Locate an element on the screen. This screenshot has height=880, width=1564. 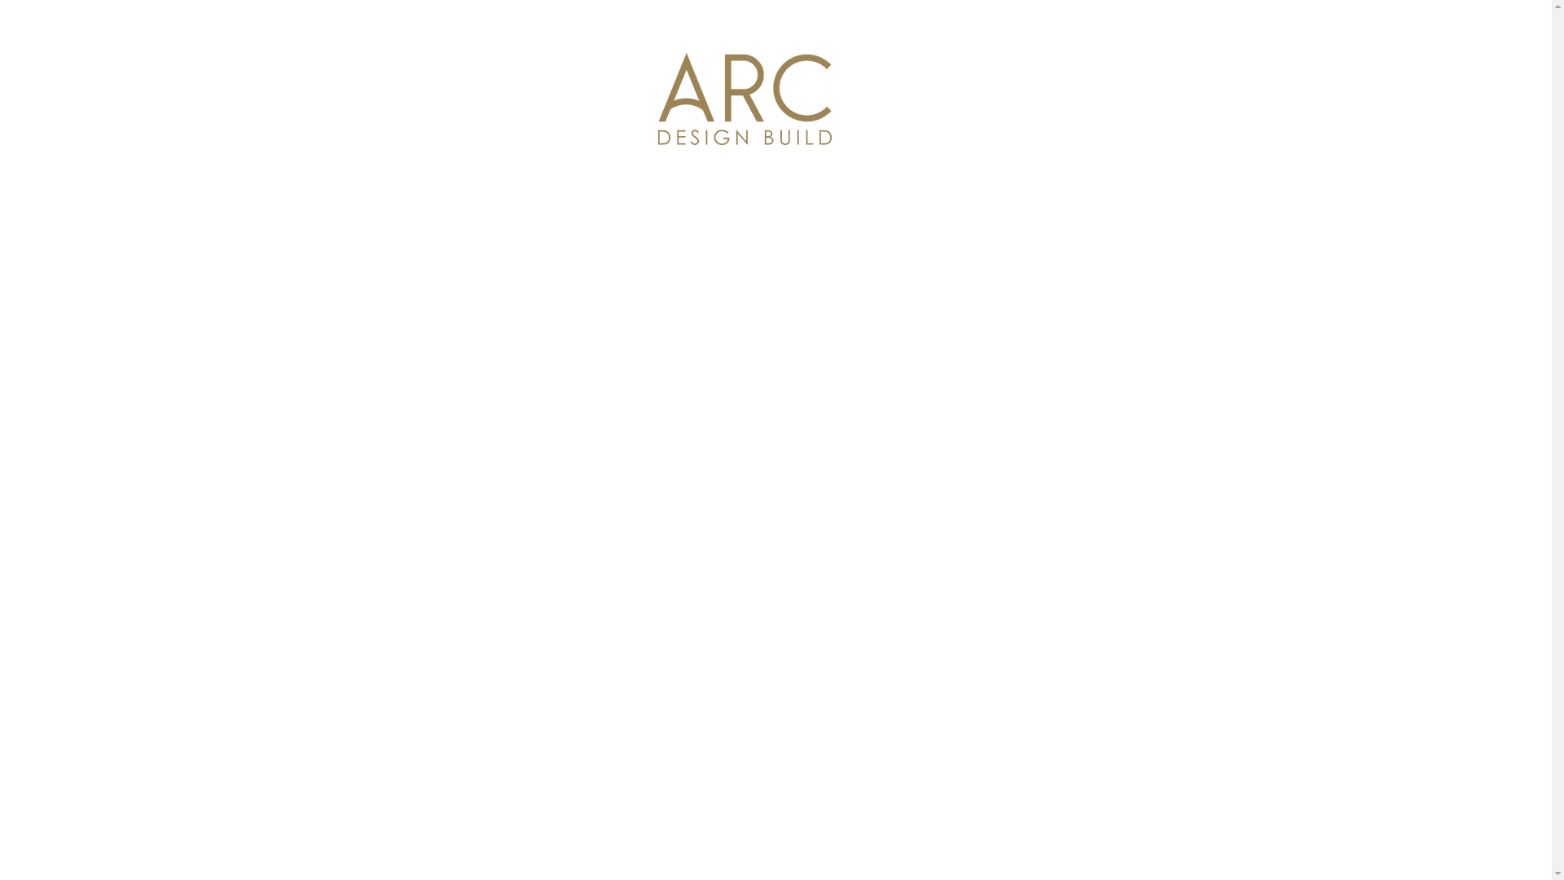
'signature logo for email.png' is located at coordinates (744, 99).